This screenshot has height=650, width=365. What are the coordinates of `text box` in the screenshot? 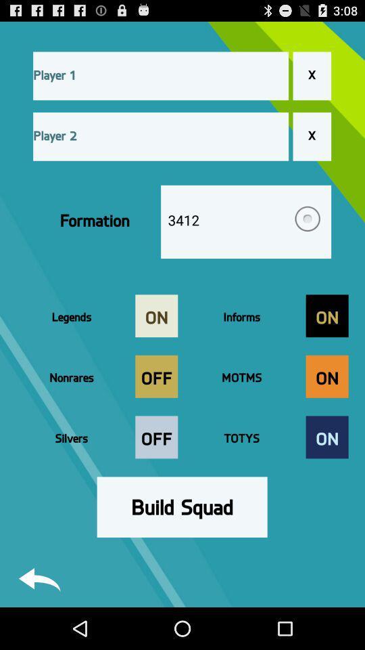 It's located at (161, 75).